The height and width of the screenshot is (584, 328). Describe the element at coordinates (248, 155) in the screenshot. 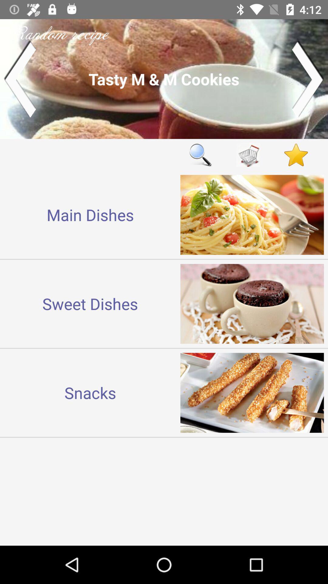

I see `microwave` at that location.